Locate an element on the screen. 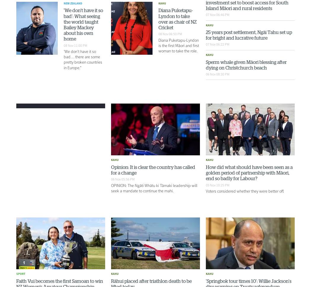  '25 years post settlement, Ngāi Tahu set up for bright and lucrative future' is located at coordinates (249, 35).